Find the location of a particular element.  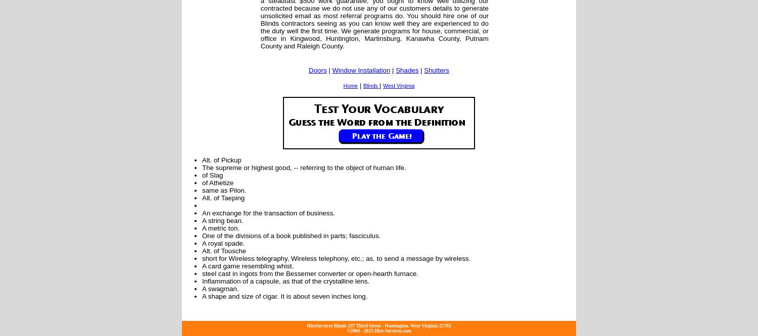

'A string bean.' is located at coordinates (202, 219).